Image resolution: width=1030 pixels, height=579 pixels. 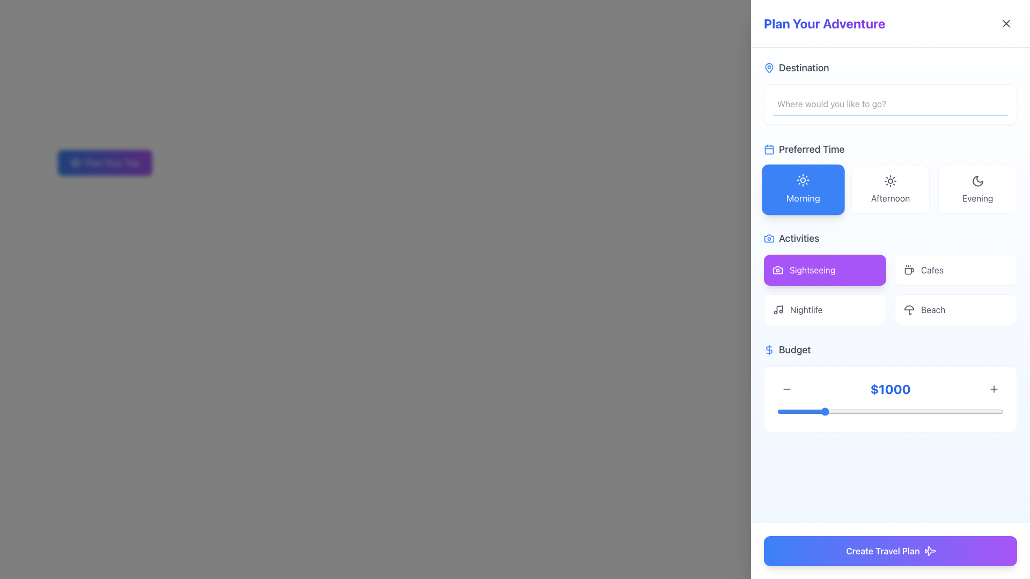 What do you see at coordinates (891, 189) in the screenshot?
I see `the button labeled 'Afternoon', which is the second button in a row of three, to change its background color to light blue` at bounding box center [891, 189].